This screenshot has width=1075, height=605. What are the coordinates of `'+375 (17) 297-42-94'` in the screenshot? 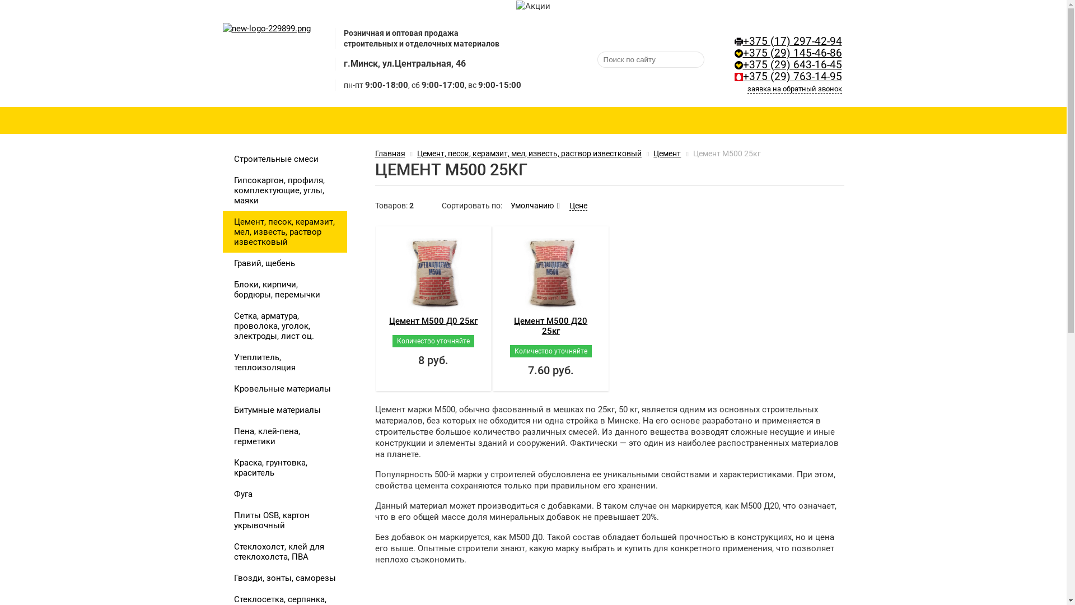 It's located at (791, 40).